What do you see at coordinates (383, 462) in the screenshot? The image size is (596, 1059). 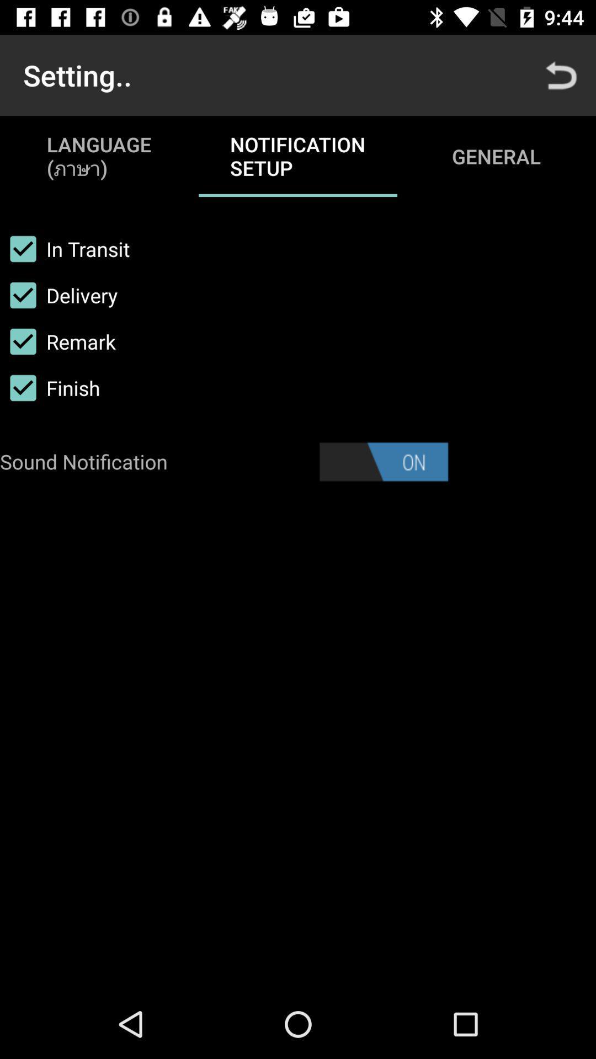 I see `switch sound notification option` at bounding box center [383, 462].